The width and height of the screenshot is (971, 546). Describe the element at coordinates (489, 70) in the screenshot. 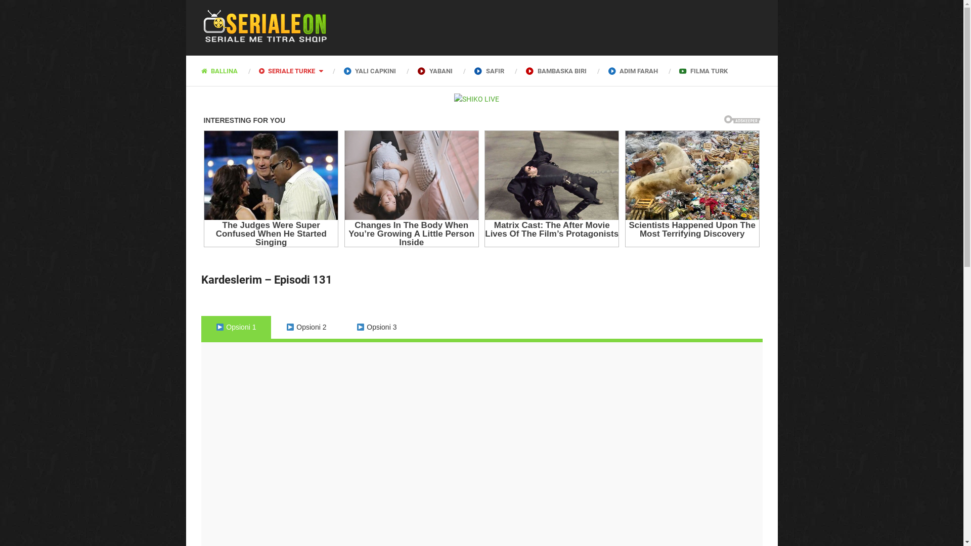

I see `'SAFIR'` at that location.